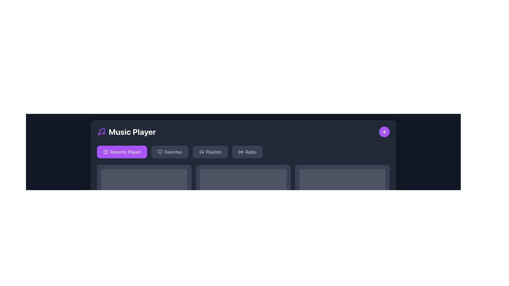 The image size is (509, 286). What do you see at coordinates (384, 131) in the screenshot?
I see `the action button in the top-right corner of the interface, which is embedded in a purple circular background` at bounding box center [384, 131].